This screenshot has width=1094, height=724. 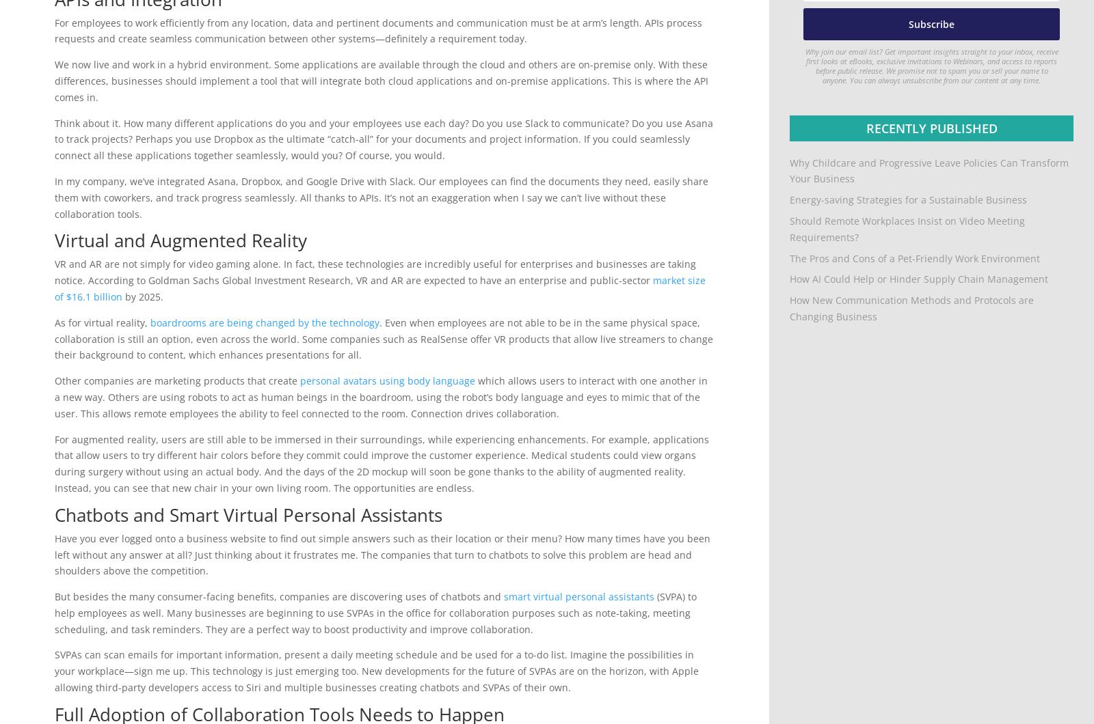 I want to click on 'Recently Published', so click(x=931, y=126).